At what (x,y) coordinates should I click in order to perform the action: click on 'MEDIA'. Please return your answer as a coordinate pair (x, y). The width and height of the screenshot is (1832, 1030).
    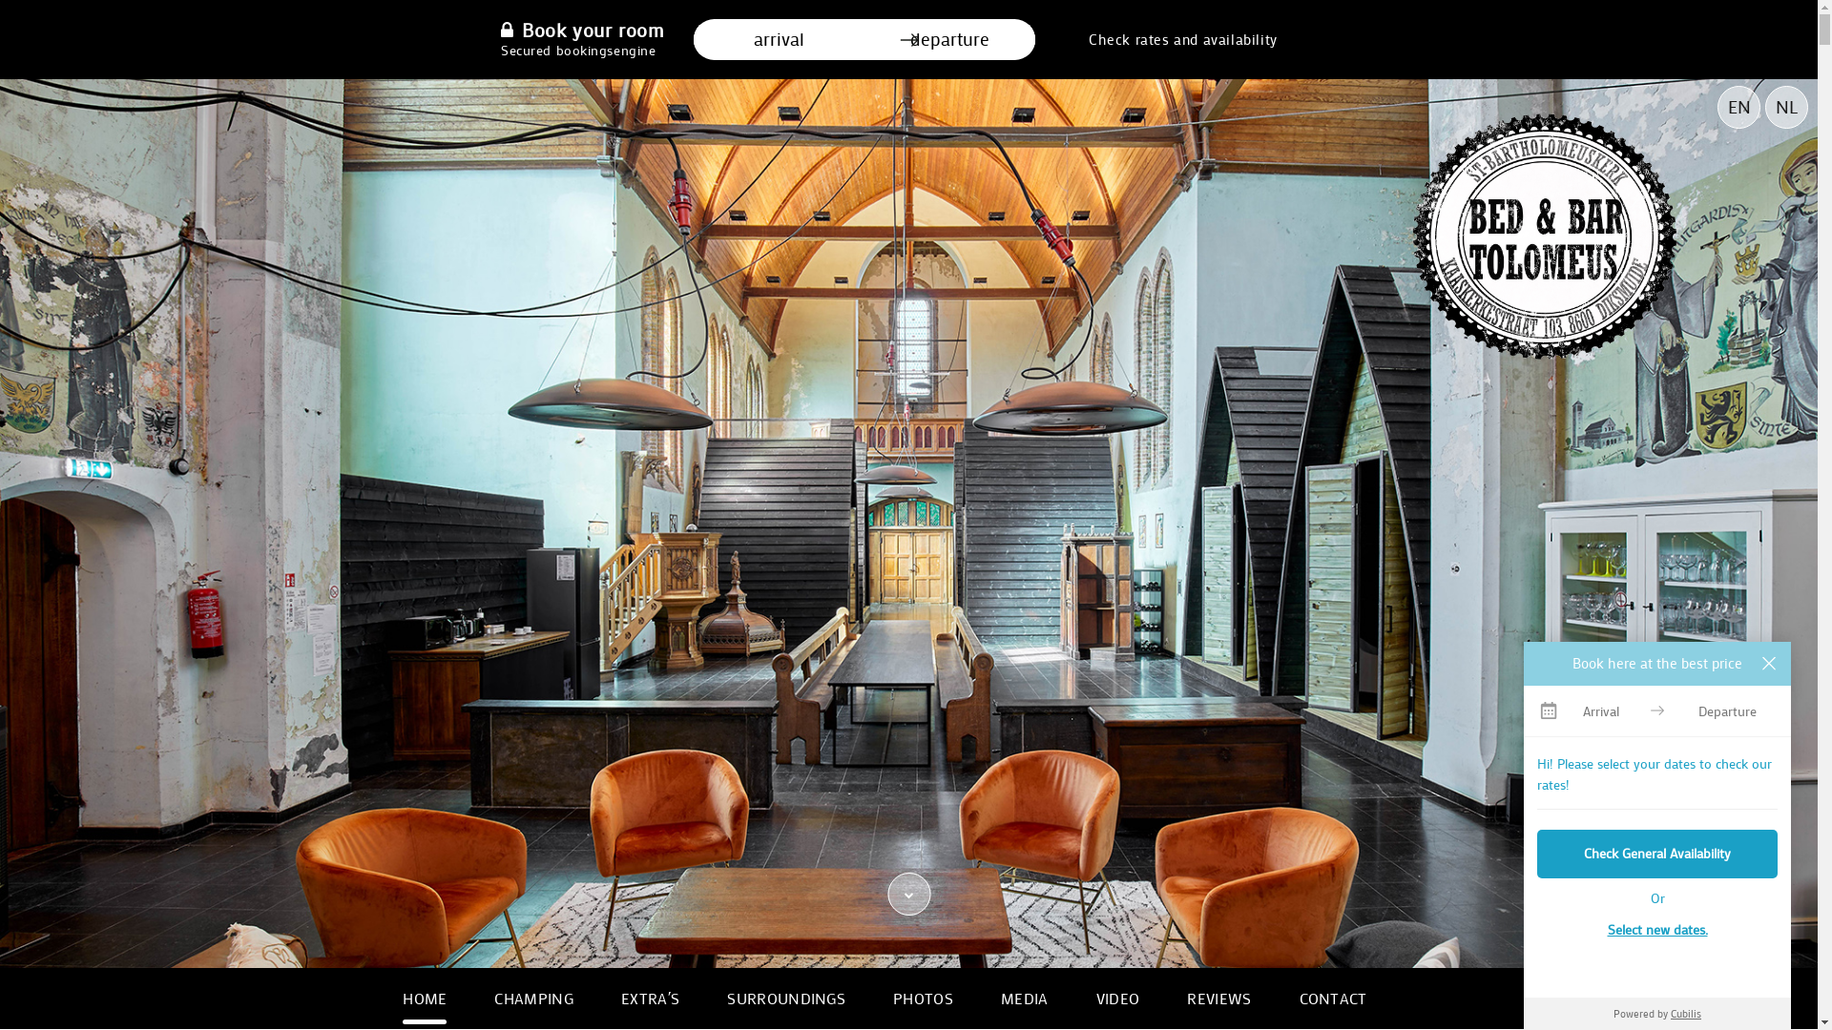
    Looking at the image, I should click on (1024, 997).